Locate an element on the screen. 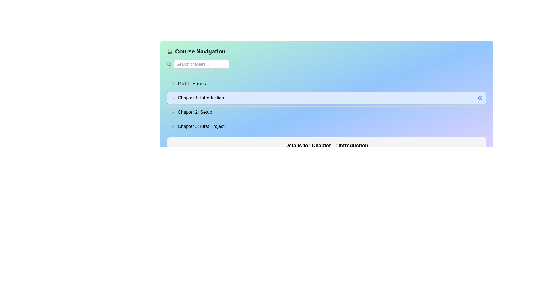 Image resolution: width=546 pixels, height=307 pixels. the rightward-pointing chevron icon located to the left of the 'Chapter 1: Introduction' text is located at coordinates (173, 98).